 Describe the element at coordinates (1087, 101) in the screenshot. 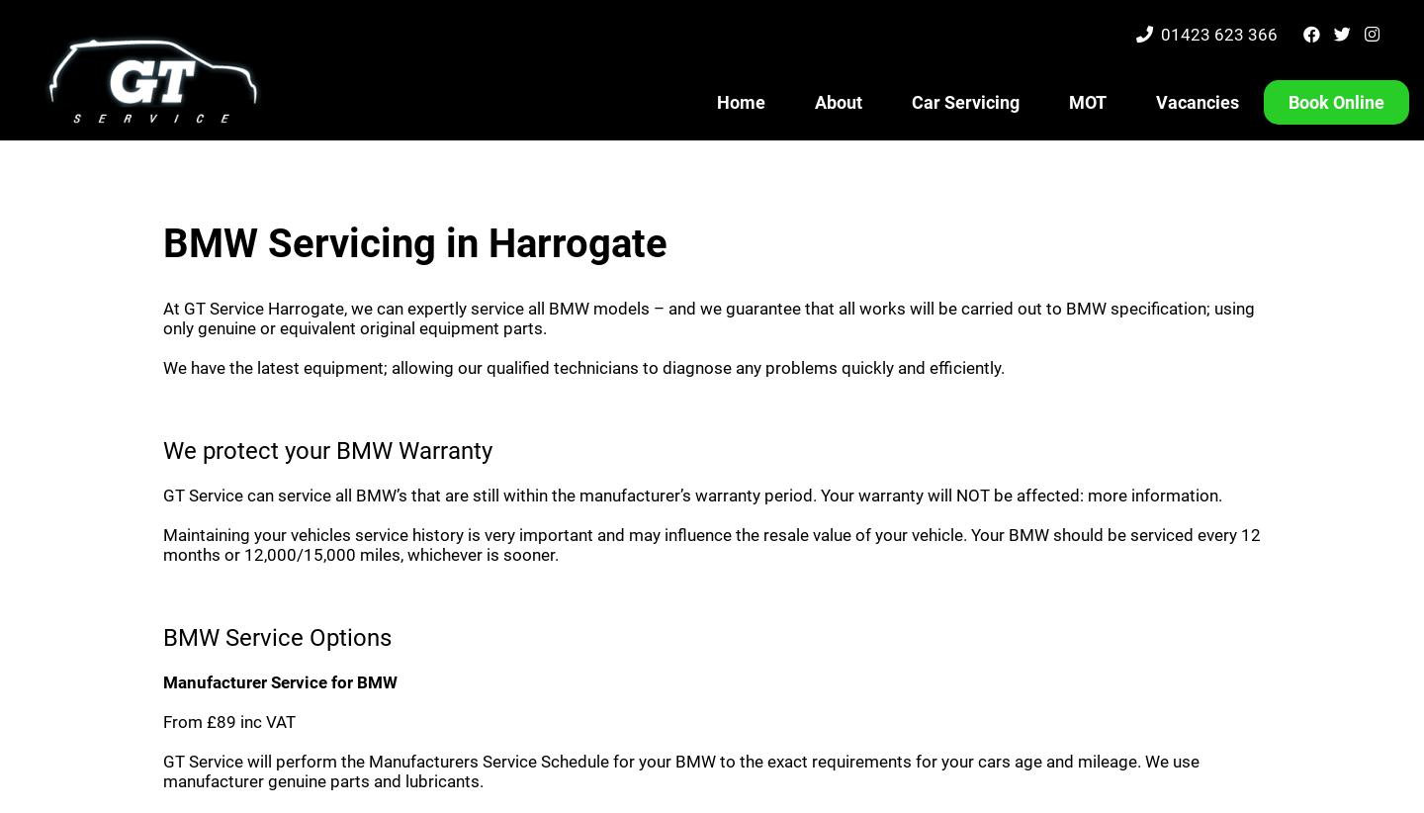

I see `'MOT'` at that location.